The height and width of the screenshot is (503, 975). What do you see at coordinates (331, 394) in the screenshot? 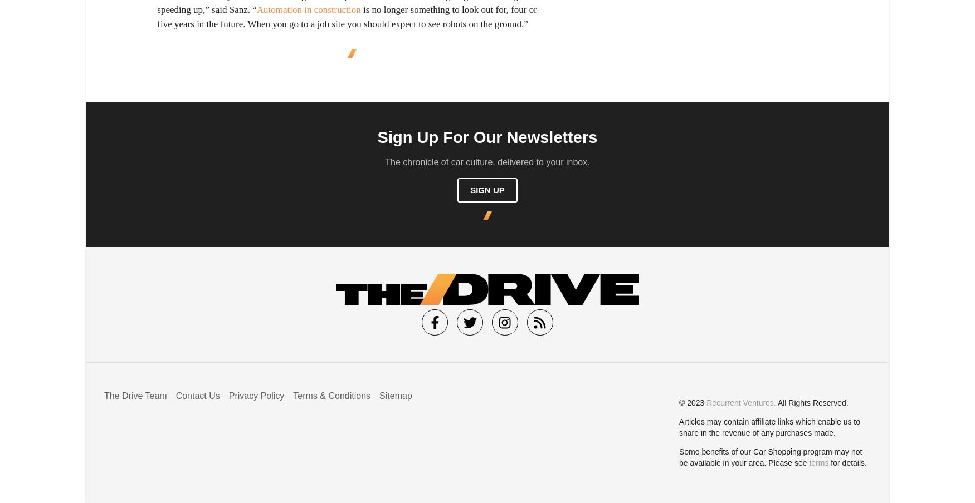
I see `'Terms & Conditions'` at bounding box center [331, 394].